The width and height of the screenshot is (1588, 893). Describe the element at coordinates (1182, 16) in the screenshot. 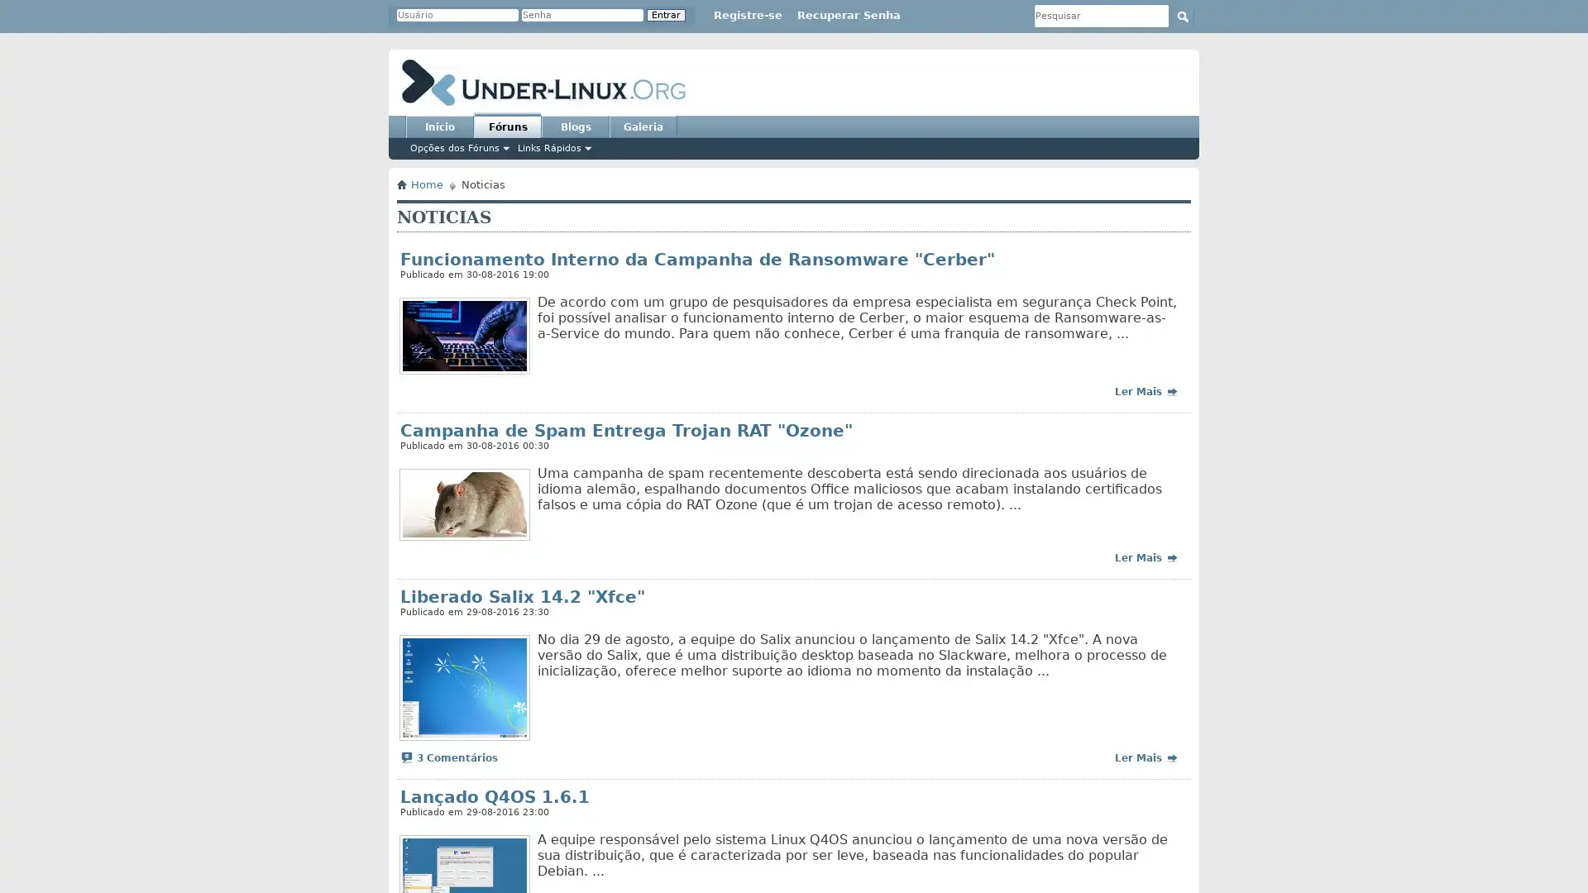

I see `Submit` at that location.